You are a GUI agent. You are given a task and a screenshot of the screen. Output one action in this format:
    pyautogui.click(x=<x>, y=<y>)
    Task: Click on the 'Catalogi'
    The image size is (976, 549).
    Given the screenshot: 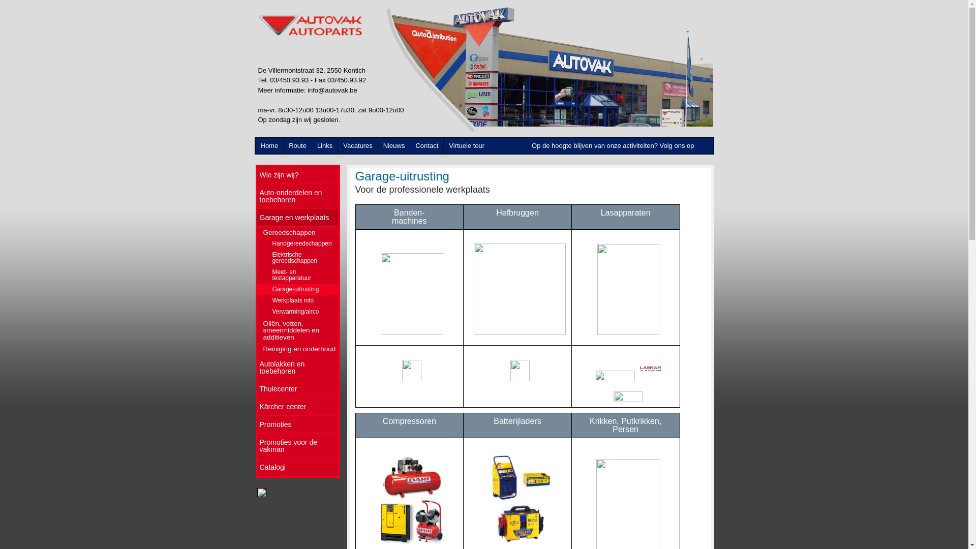 What is the action you would take?
    pyautogui.click(x=297, y=467)
    